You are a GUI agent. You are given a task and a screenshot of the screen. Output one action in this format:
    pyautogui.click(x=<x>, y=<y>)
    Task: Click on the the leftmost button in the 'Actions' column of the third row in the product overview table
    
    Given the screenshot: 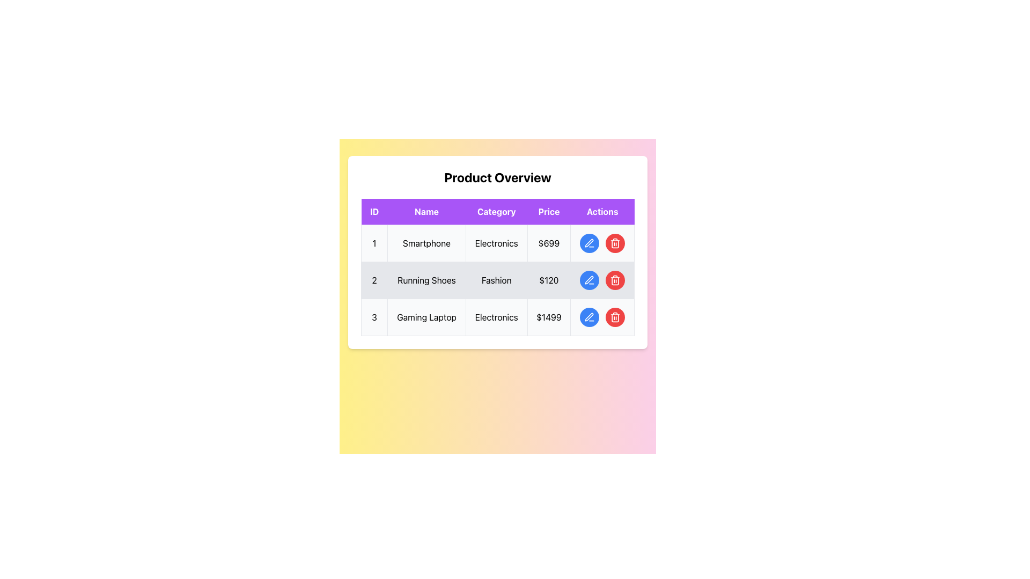 What is the action you would take?
    pyautogui.click(x=589, y=316)
    